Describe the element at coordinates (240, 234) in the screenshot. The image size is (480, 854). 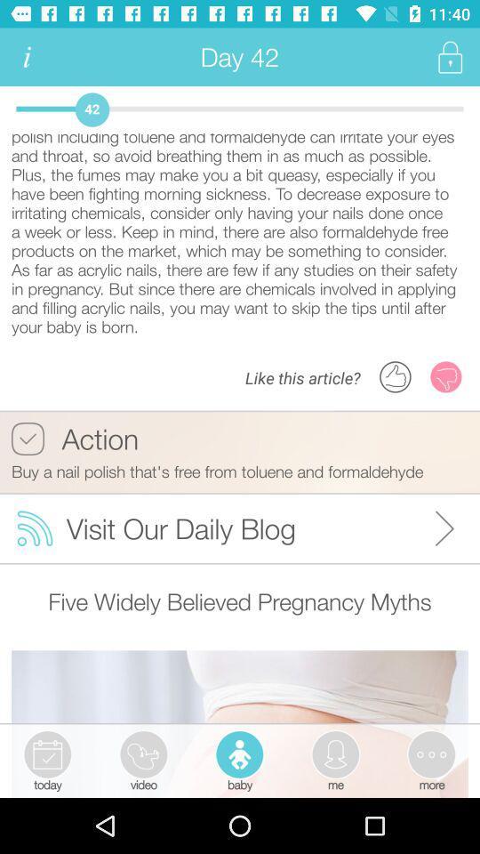
I see `thanks to your icon` at that location.